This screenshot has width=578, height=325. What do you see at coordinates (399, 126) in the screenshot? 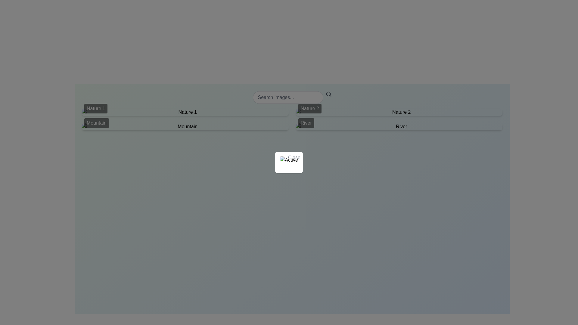
I see `the 'River' label that displays the text in black sans-serif font, located` at bounding box center [399, 126].